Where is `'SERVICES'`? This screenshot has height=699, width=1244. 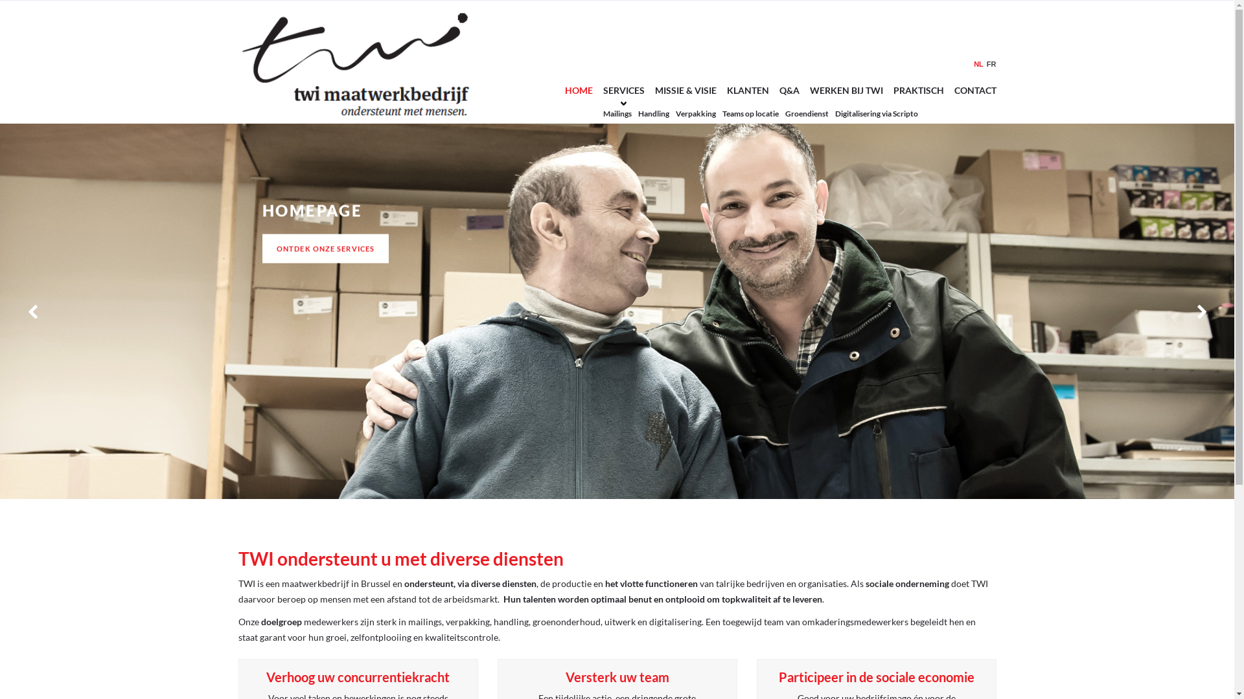 'SERVICES' is located at coordinates (623, 90).